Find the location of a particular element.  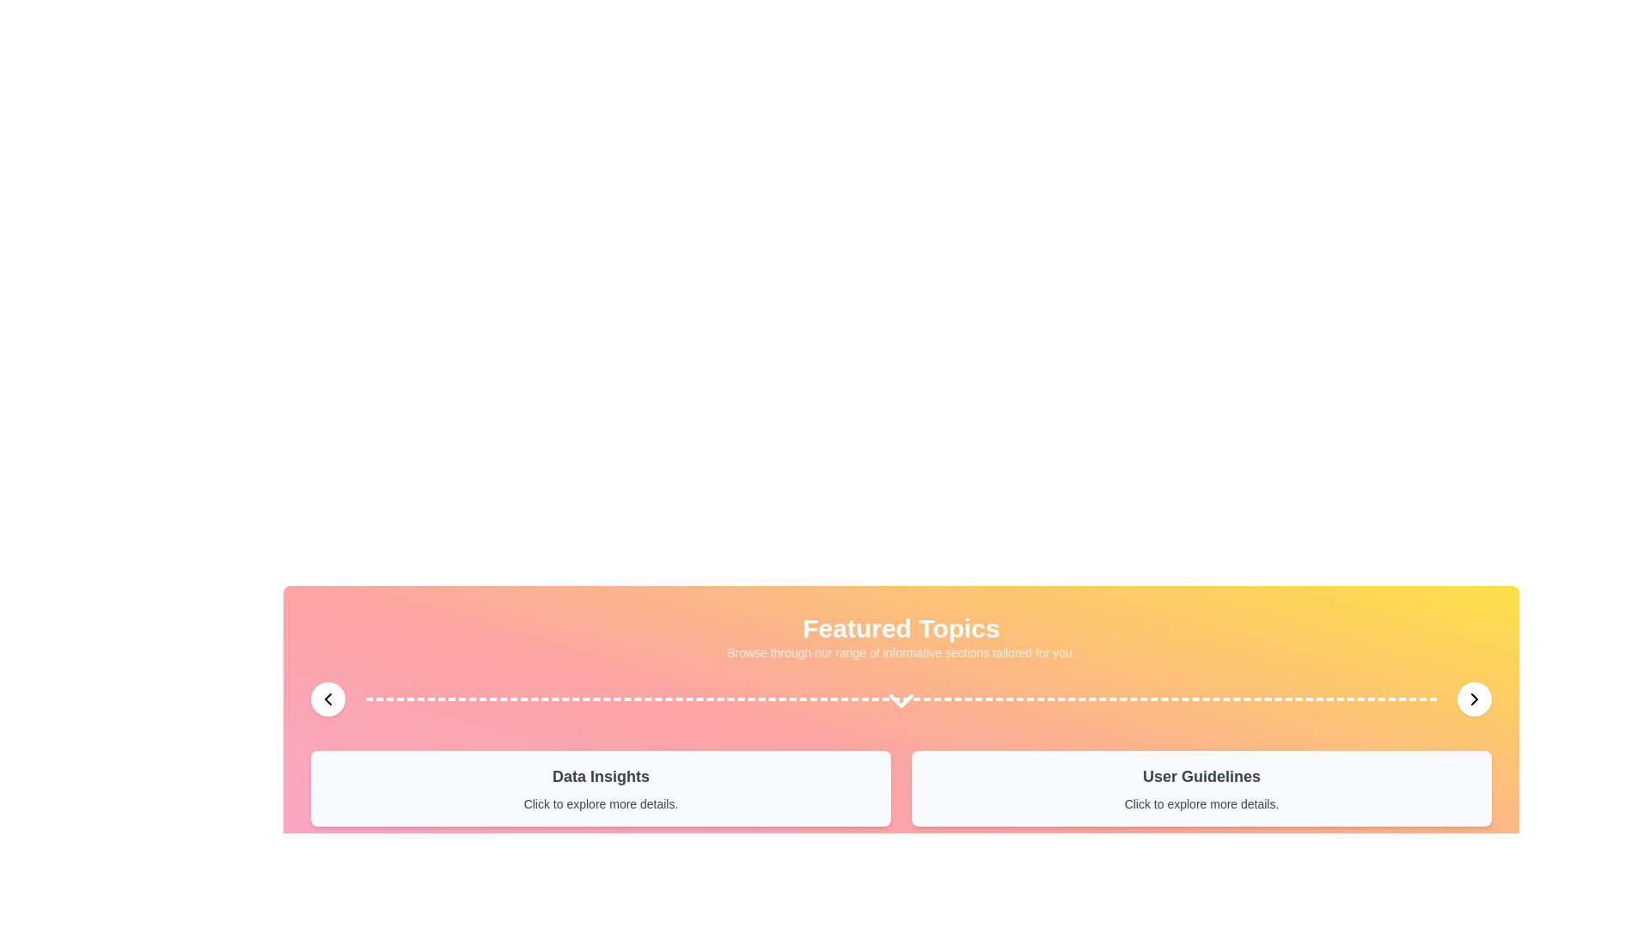

the navigation button located on the rightmost end of the horizontal layout is located at coordinates (1474, 699).